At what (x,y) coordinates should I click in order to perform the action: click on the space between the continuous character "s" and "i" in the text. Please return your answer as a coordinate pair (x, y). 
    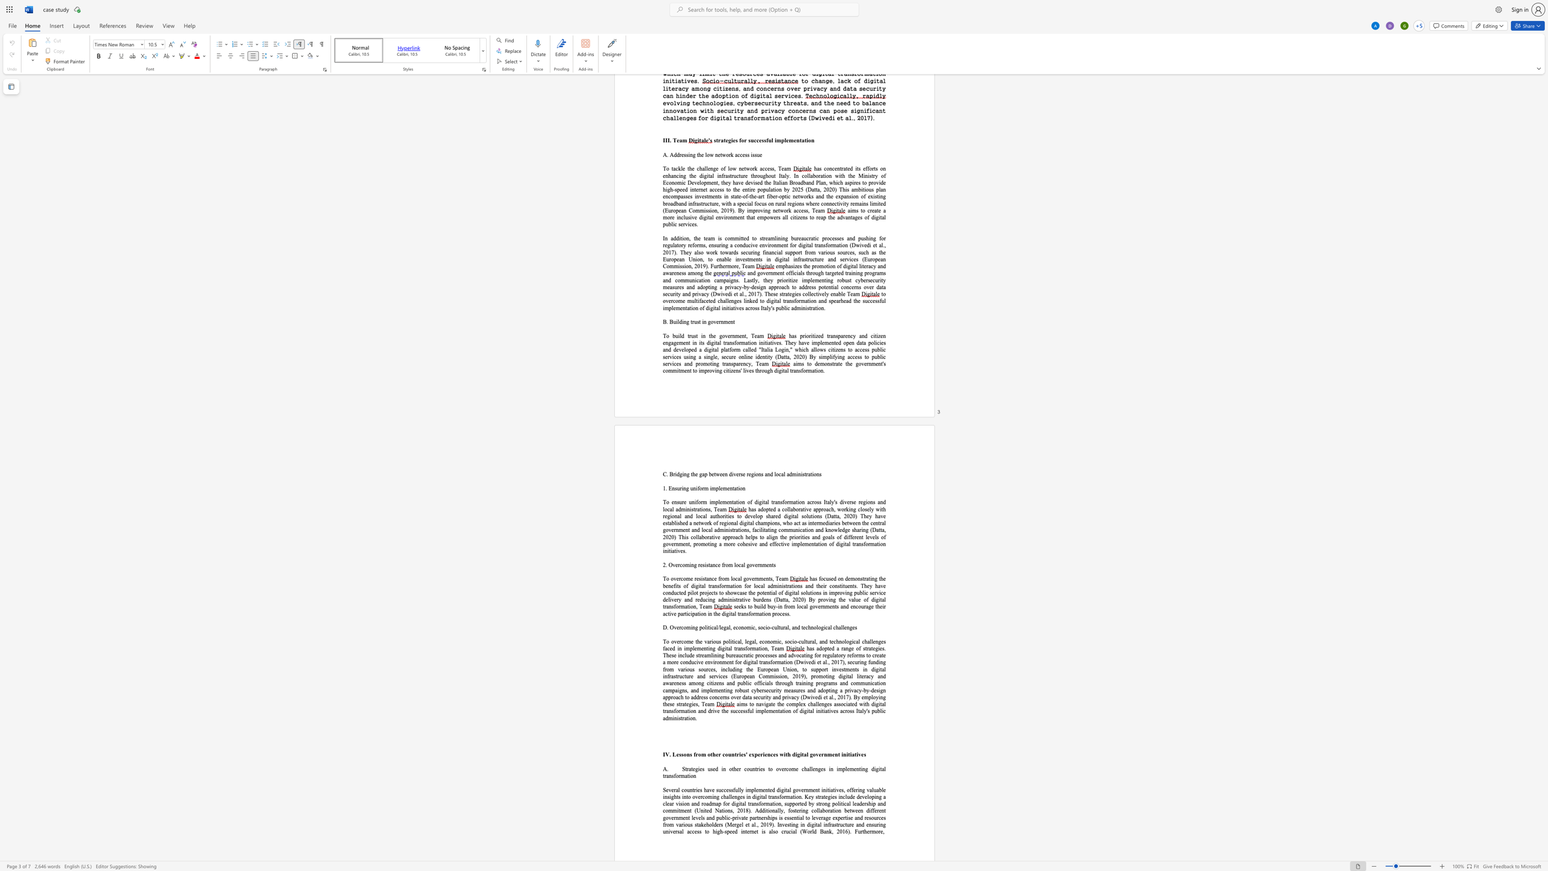
    Looking at the image, I should click on (704, 565).